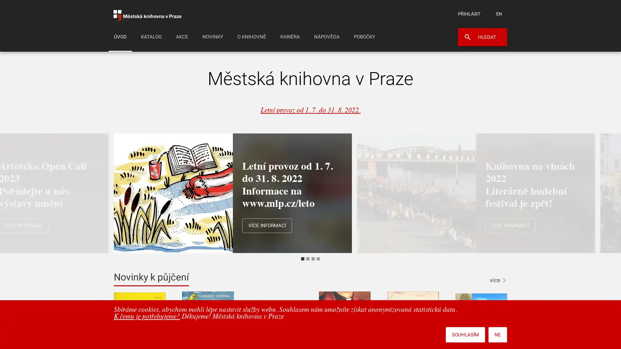 The image size is (621, 349). What do you see at coordinates (497, 334) in the screenshot?
I see `NE` at bounding box center [497, 334].